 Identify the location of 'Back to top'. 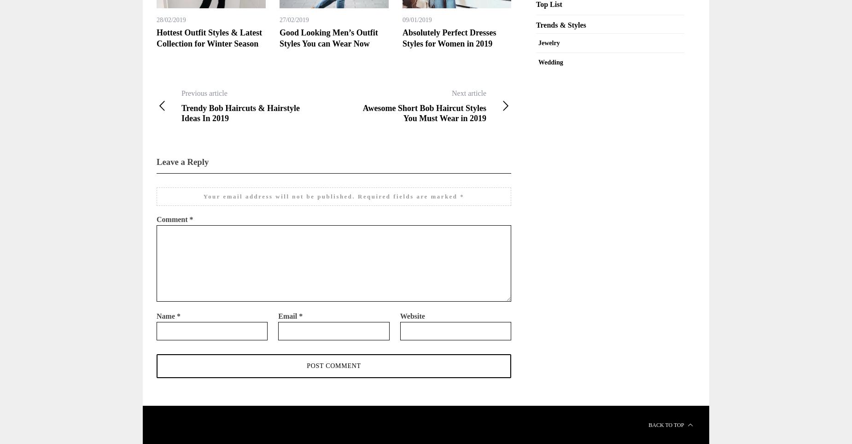
(666, 424).